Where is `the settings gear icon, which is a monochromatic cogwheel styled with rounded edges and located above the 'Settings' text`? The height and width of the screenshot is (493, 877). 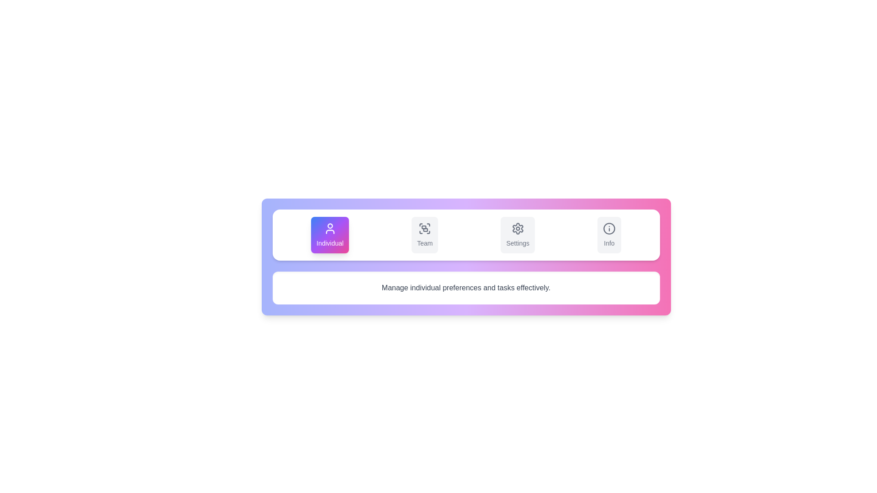
the settings gear icon, which is a monochromatic cogwheel styled with rounded edges and located above the 'Settings' text is located at coordinates (518, 228).